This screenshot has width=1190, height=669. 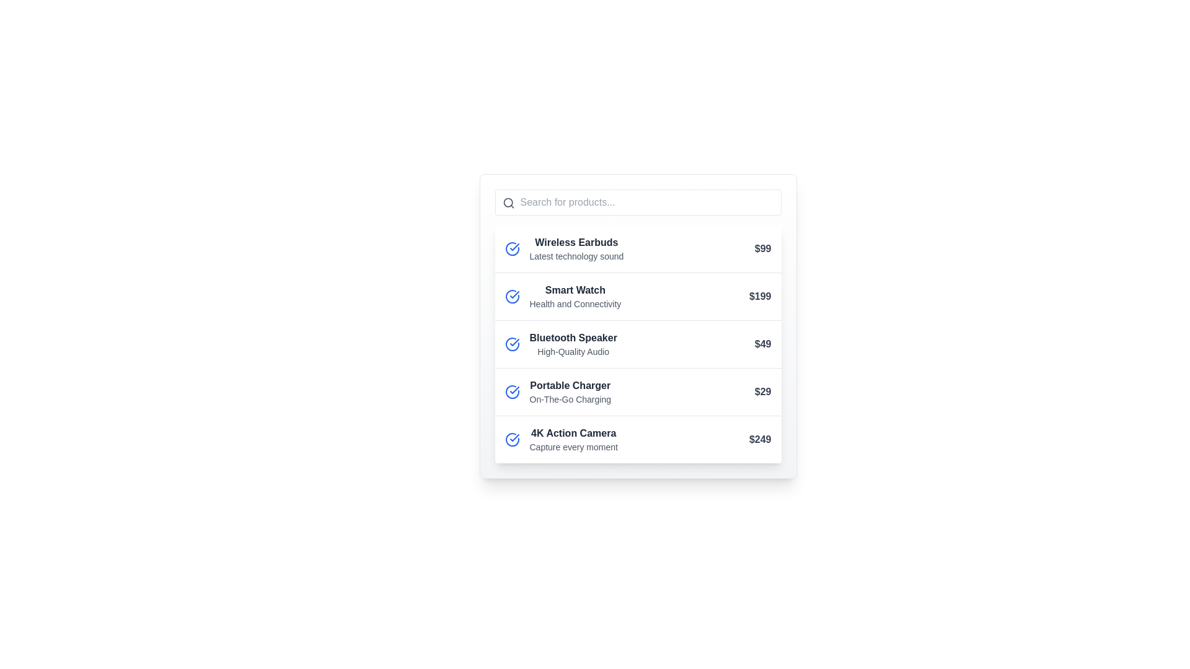 What do you see at coordinates (512, 439) in the screenshot?
I see `the blue circular checkmark icon that represents a completed task, located at the leading edge of the '4K Action Camera' list item` at bounding box center [512, 439].